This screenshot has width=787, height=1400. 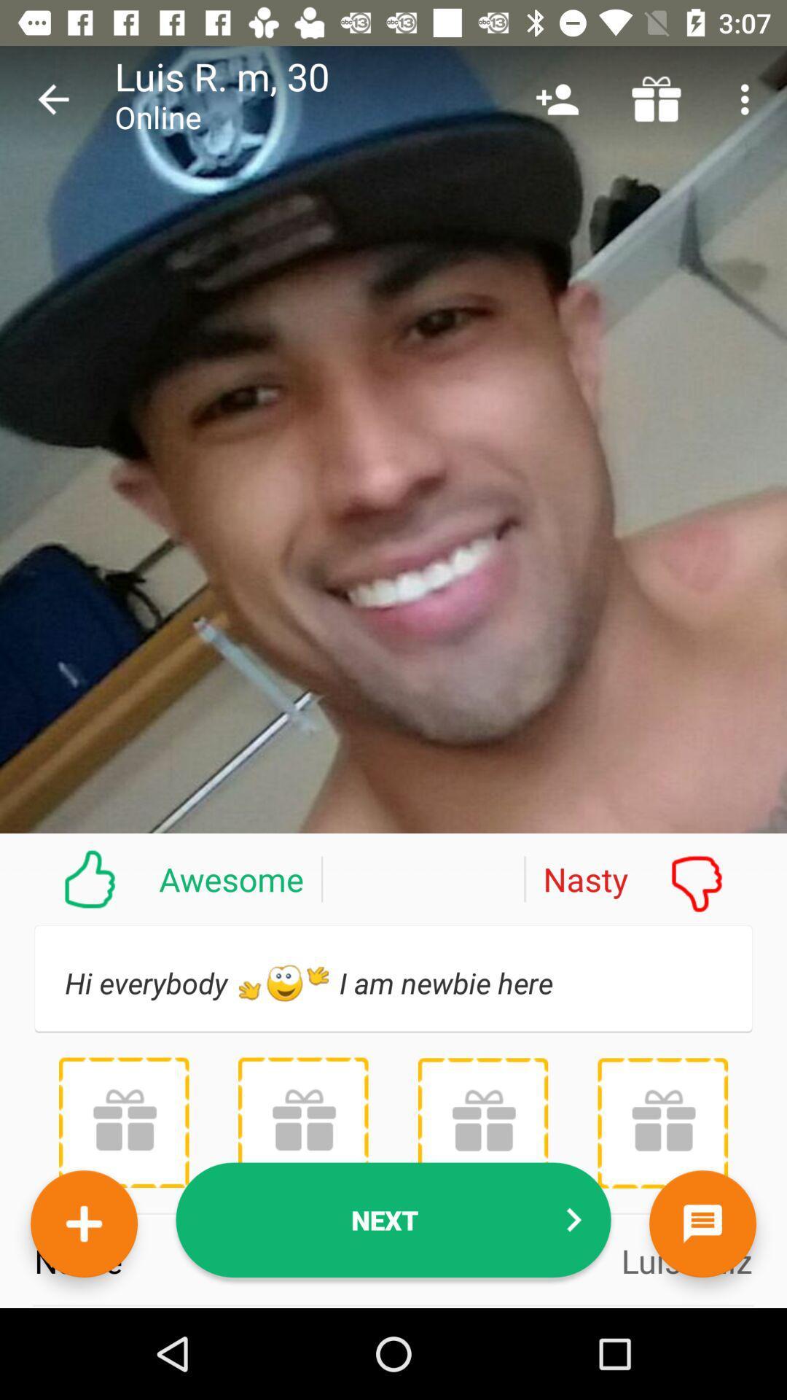 I want to click on icon below the hi everybody h item, so click(x=662, y=1122).